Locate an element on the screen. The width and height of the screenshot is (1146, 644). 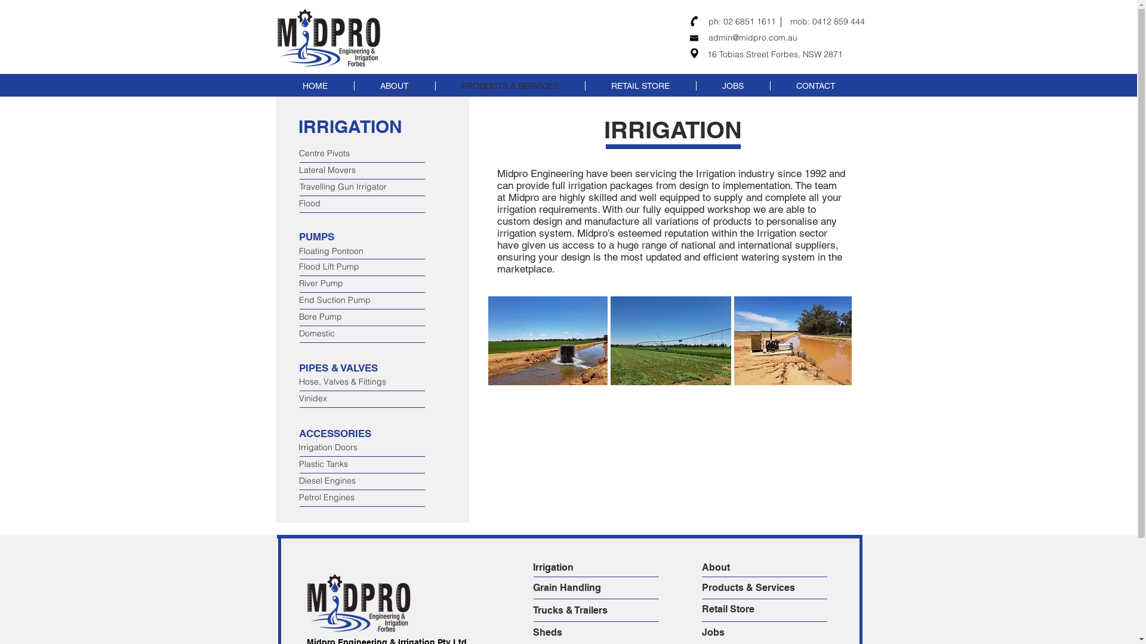
'Bore Pump' is located at coordinates (340, 317).